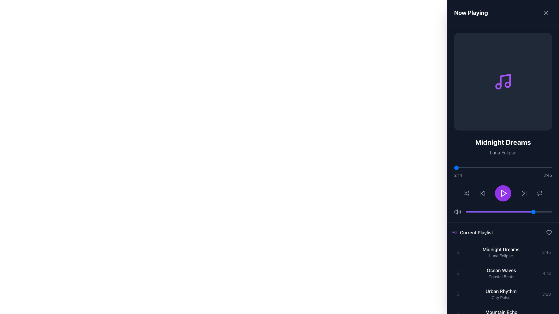 This screenshot has width=559, height=314. I want to click on playback position, so click(465, 168).